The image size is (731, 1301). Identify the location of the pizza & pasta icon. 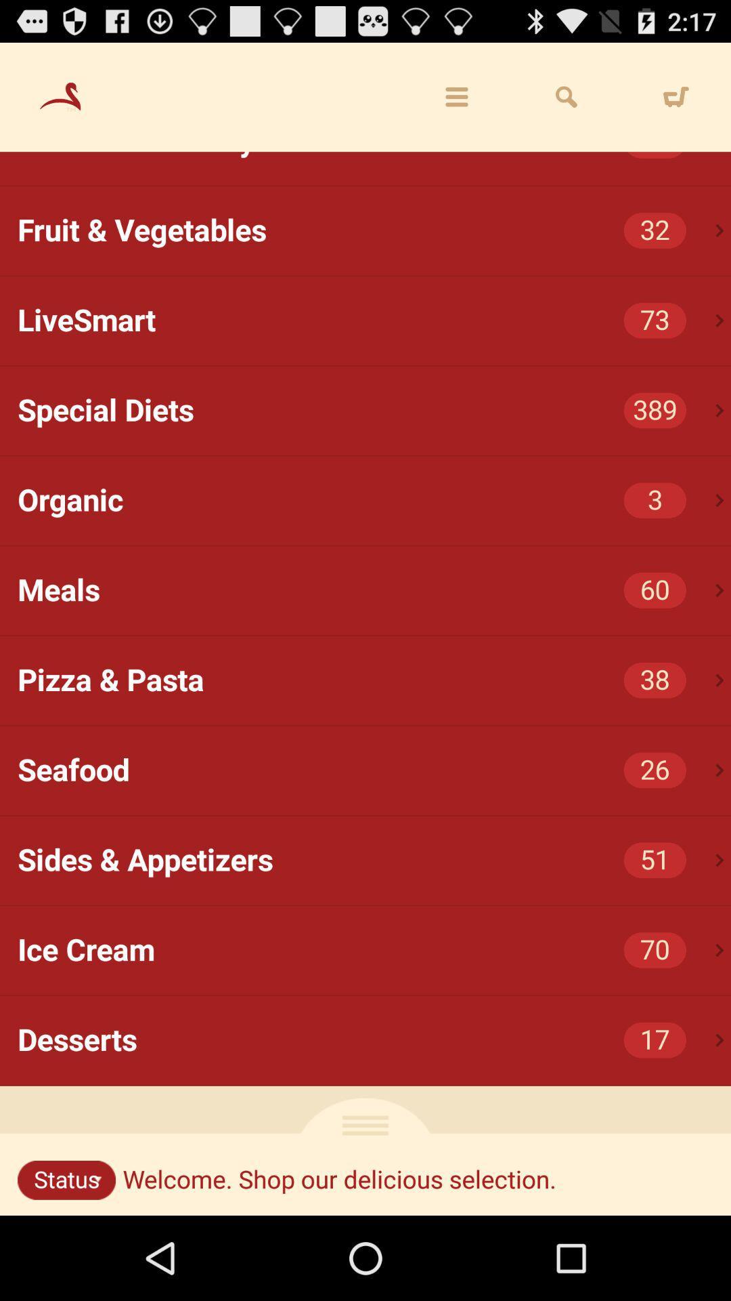
(374, 680).